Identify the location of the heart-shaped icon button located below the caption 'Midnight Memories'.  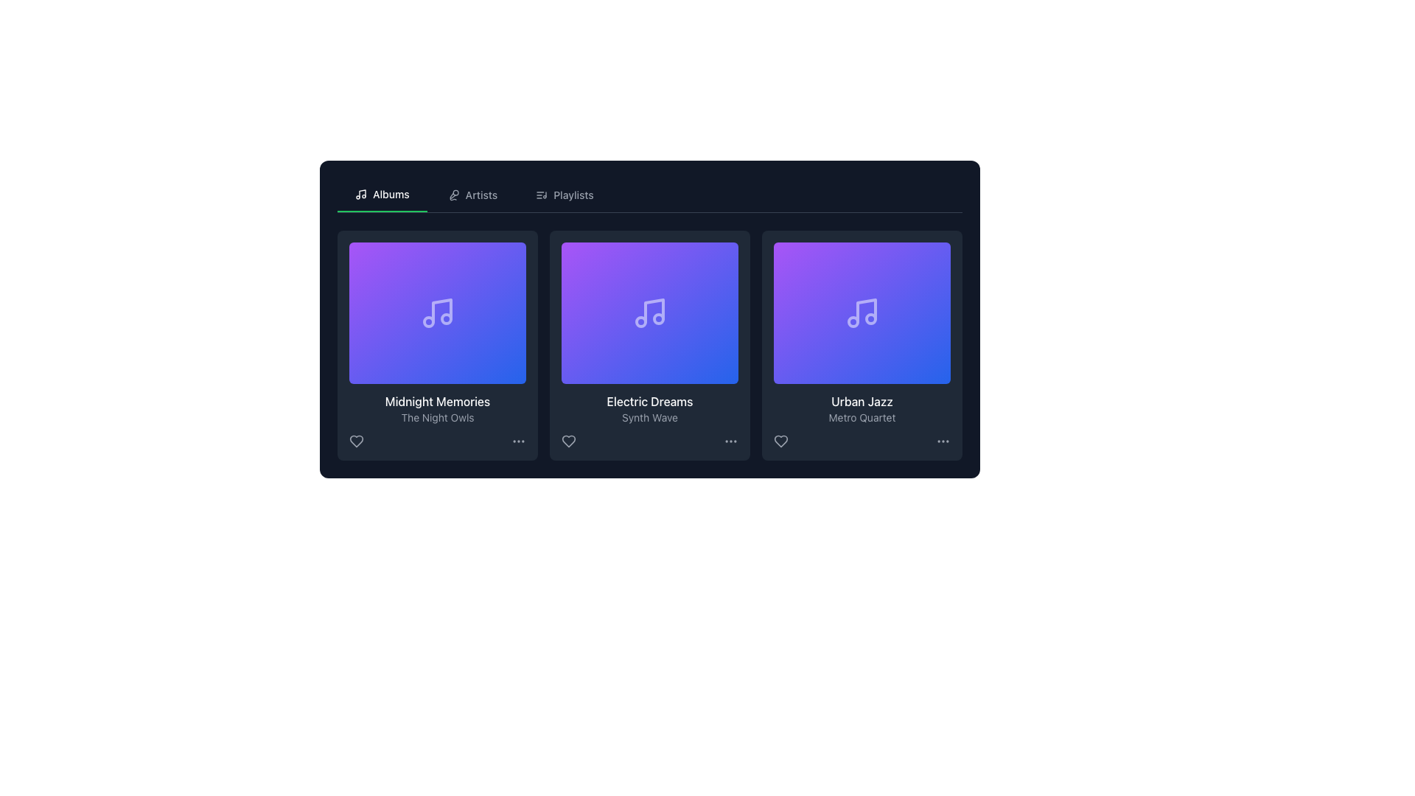
(357, 440).